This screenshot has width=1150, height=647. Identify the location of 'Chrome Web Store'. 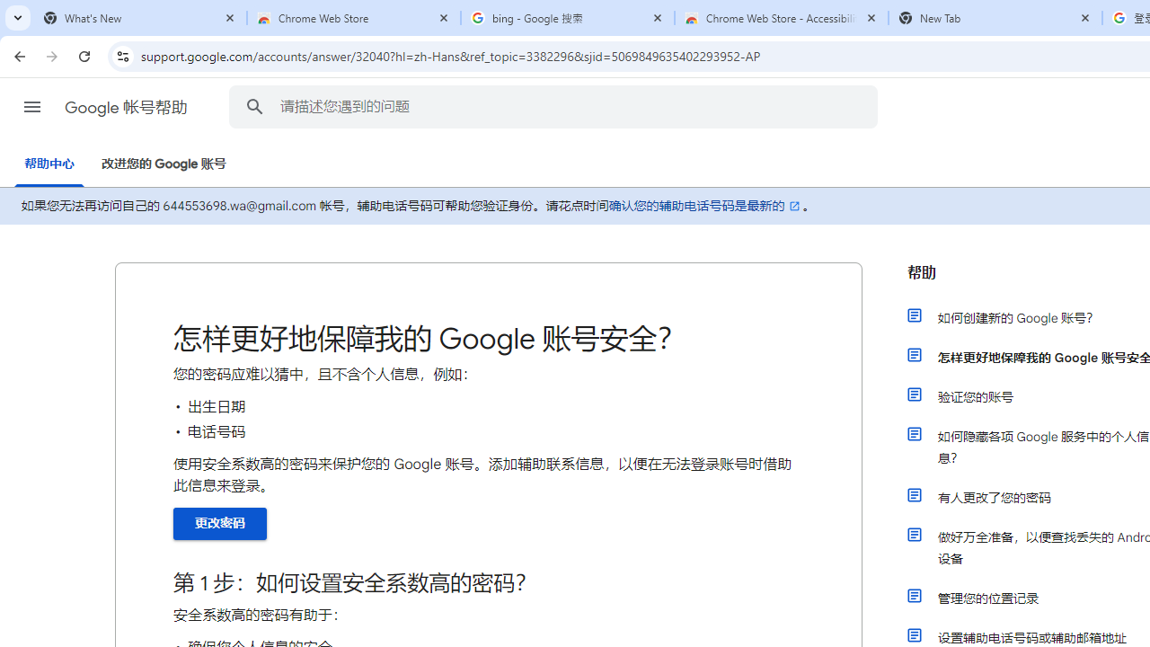
(354, 18).